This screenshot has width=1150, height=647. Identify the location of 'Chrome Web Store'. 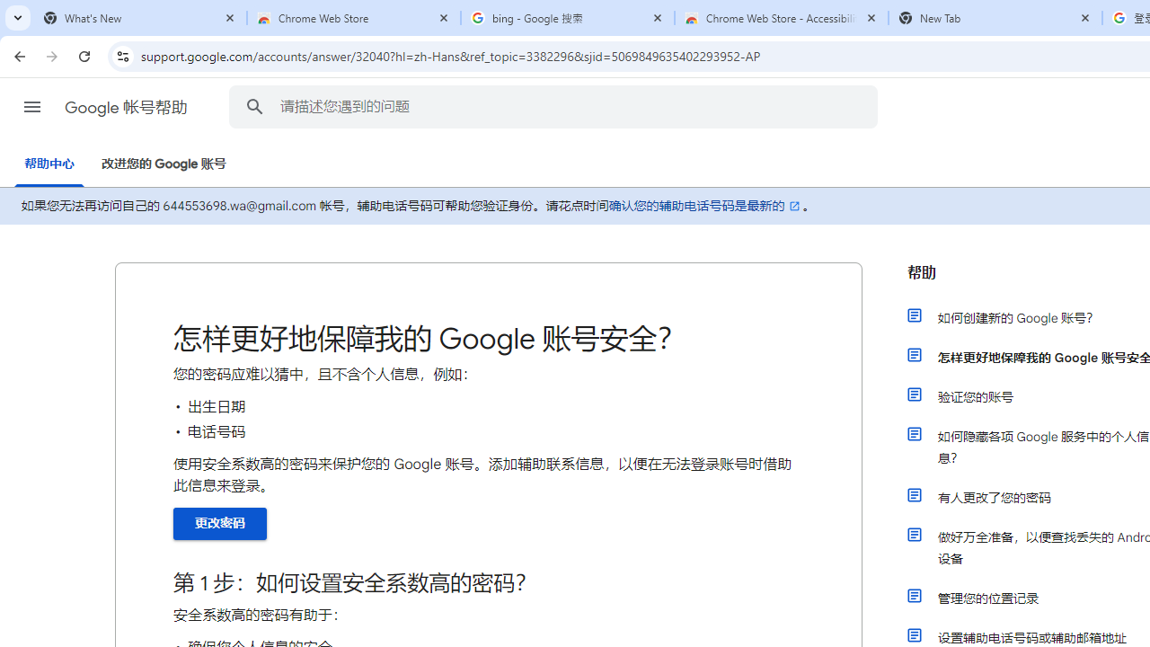
(354, 18).